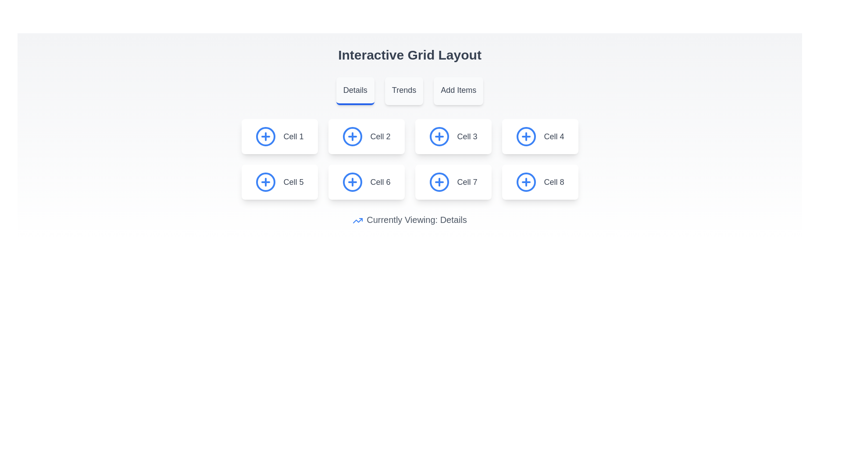  I want to click on the vector graphic element that indicates the action point for adding or creating a new item in Cell 6, represented by a circle and a plus sign, so click(353, 182).